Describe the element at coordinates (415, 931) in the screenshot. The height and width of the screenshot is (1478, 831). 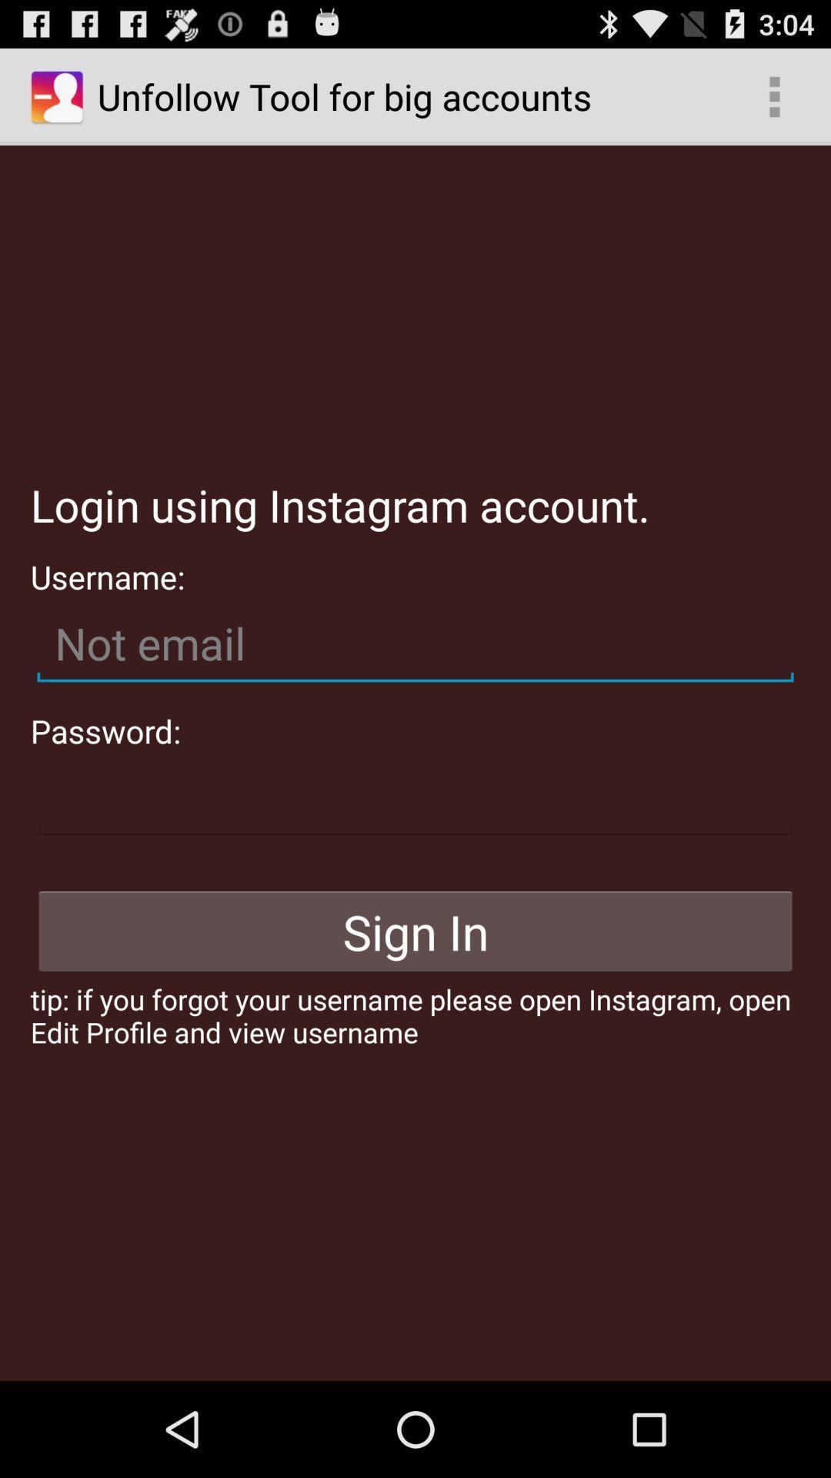
I see `sign in item` at that location.